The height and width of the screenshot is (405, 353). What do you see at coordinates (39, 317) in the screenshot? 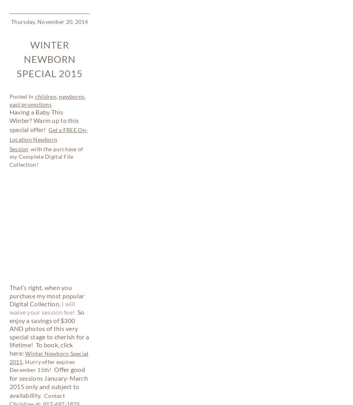
I see `'past promotions'` at bounding box center [39, 317].